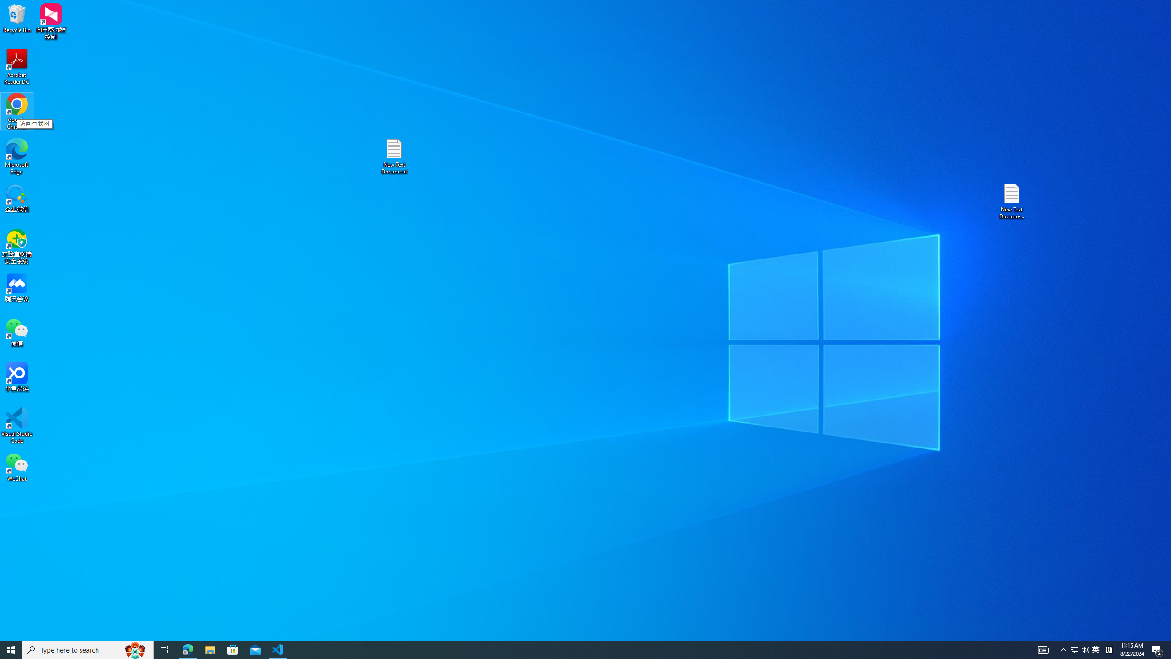 The height and width of the screenshot is (659, 1171). What do you see at coordinates (16, 466) in the screenshot?
I see `'WeChat'` at bounding box center [16, 466].